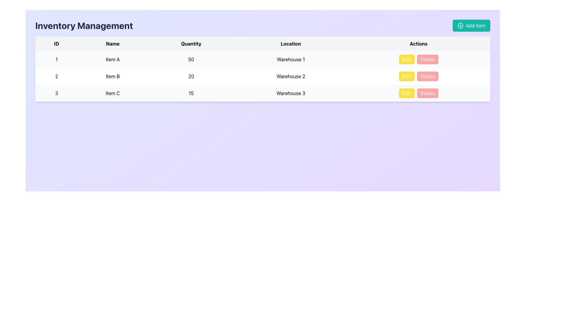 The height and width of the screenshot is (326, 579). Describe the element at coordinates (56, 93) in the screenshot. I see `the Static text element that identifies the third entry in the table, located in the first column of the third row` at that location.